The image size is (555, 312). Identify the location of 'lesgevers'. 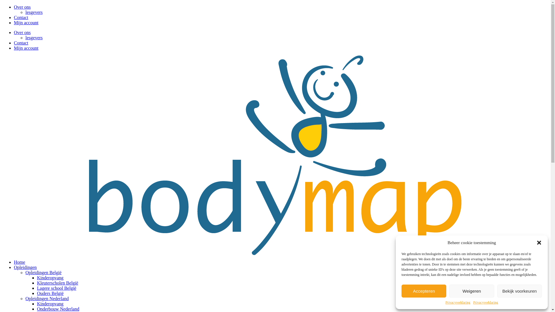
(25, 38).